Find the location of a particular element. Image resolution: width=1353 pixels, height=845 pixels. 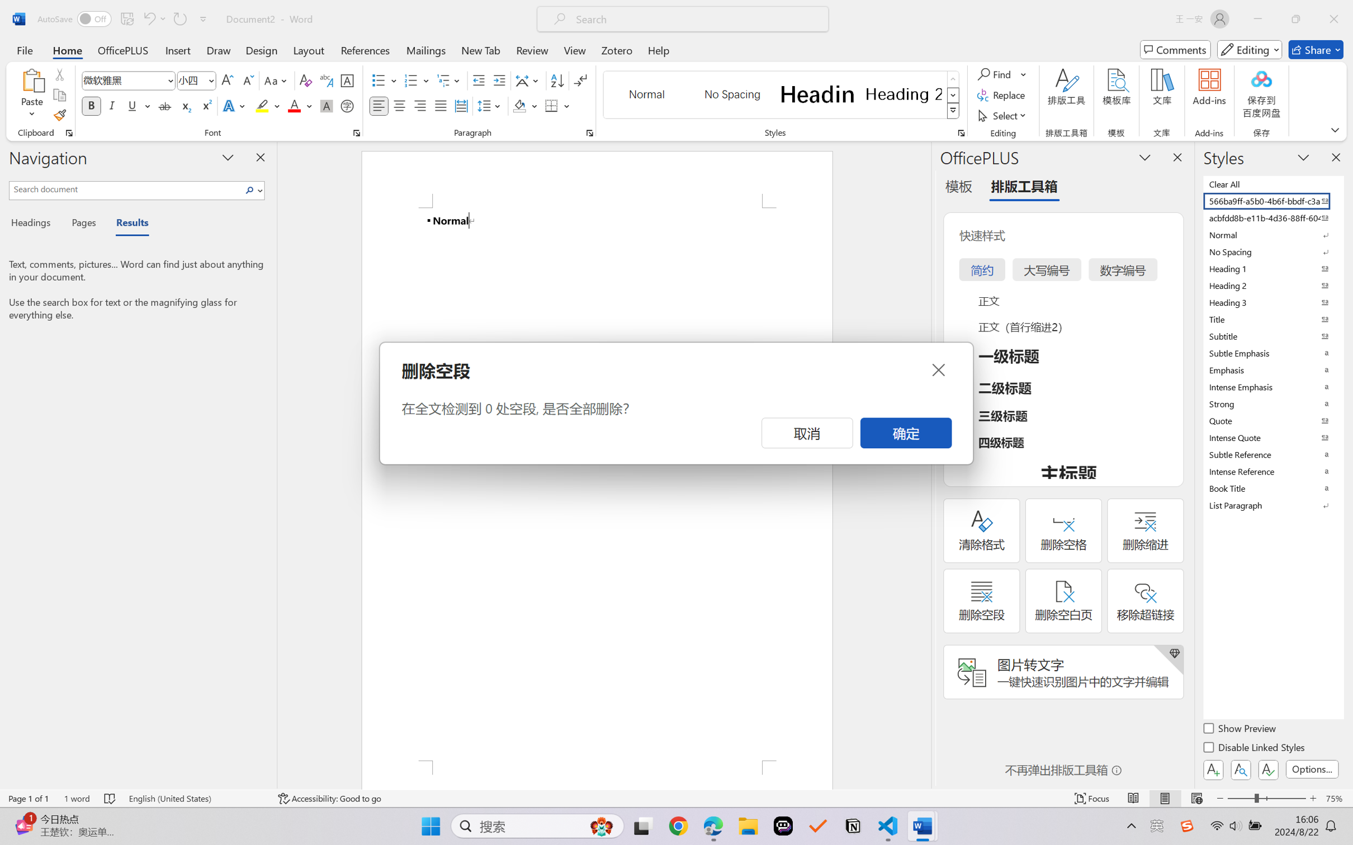

'No Spacing' is located at coordinates (1272, 251).